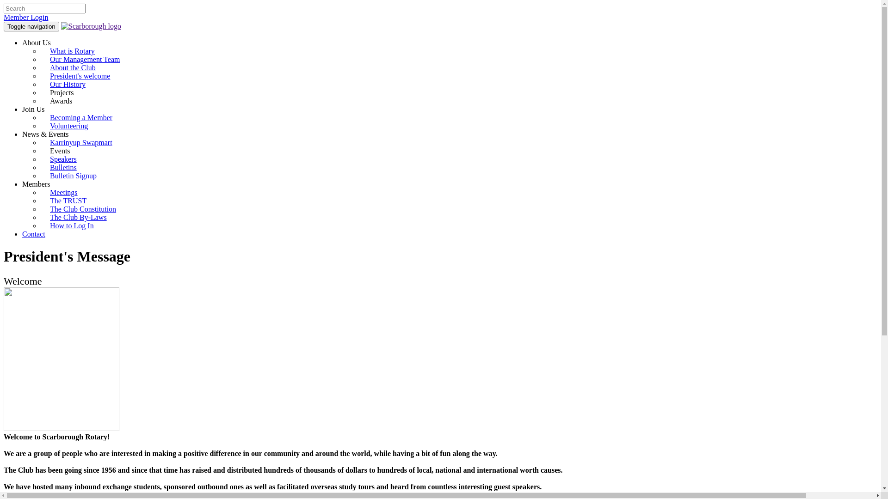  Describe the element at coordinates (22, 43) in the screenshot. I see `'About Us'` at that location.